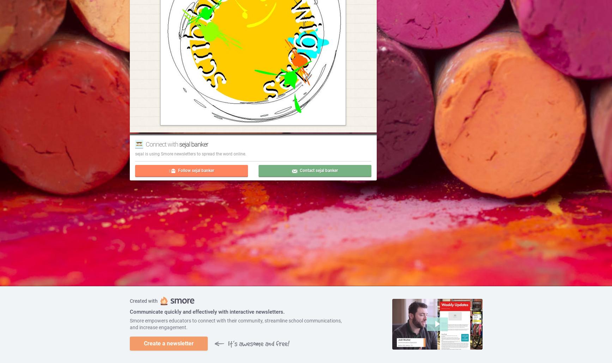  What do you see at coordinates (162, 144) in the screenshot?
I see `'Connect with'` at bounding box center [162, 144].